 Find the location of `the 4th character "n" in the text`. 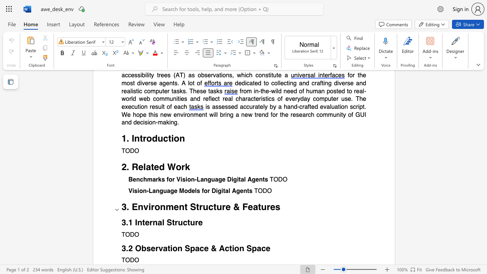

the 4th character "n" in the text is located at coordinates (261, 180).